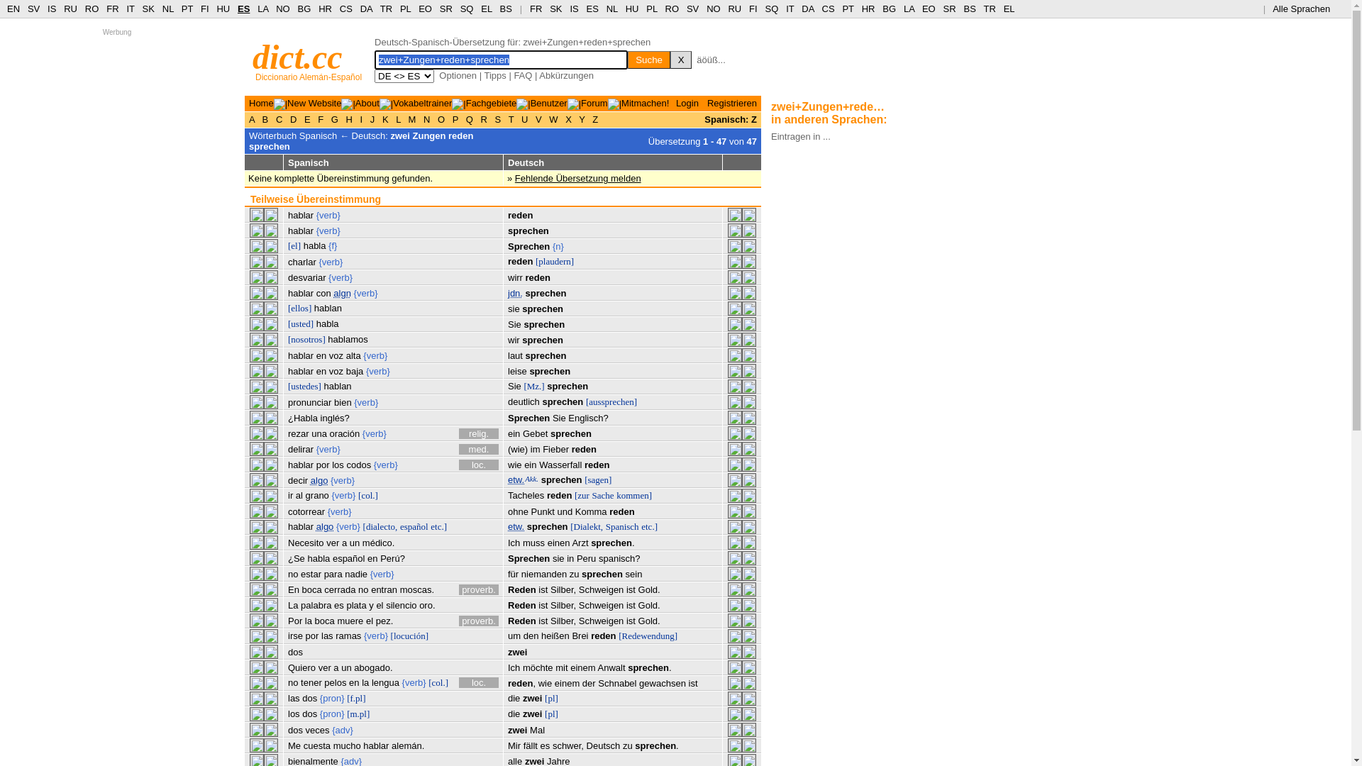 Image resolution: width=1362 pixels, height=766 pixels. I want to click on 'sprechen', so click(548, 370).